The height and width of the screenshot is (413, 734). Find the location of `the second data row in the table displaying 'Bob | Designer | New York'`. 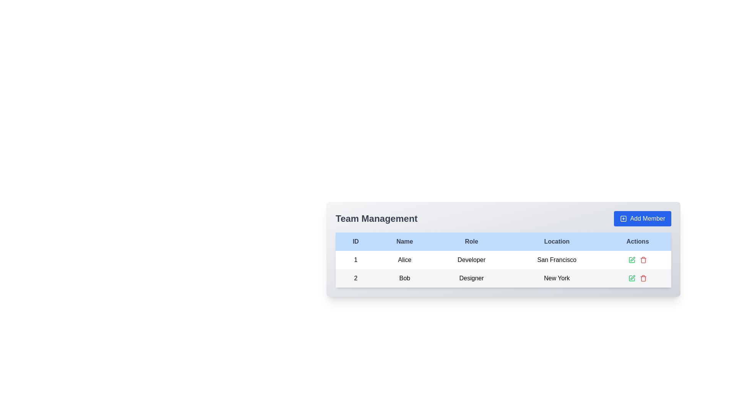

the second data row in the table displaying 'Bob | Designer | New York' is located at coordinates (503, 278).